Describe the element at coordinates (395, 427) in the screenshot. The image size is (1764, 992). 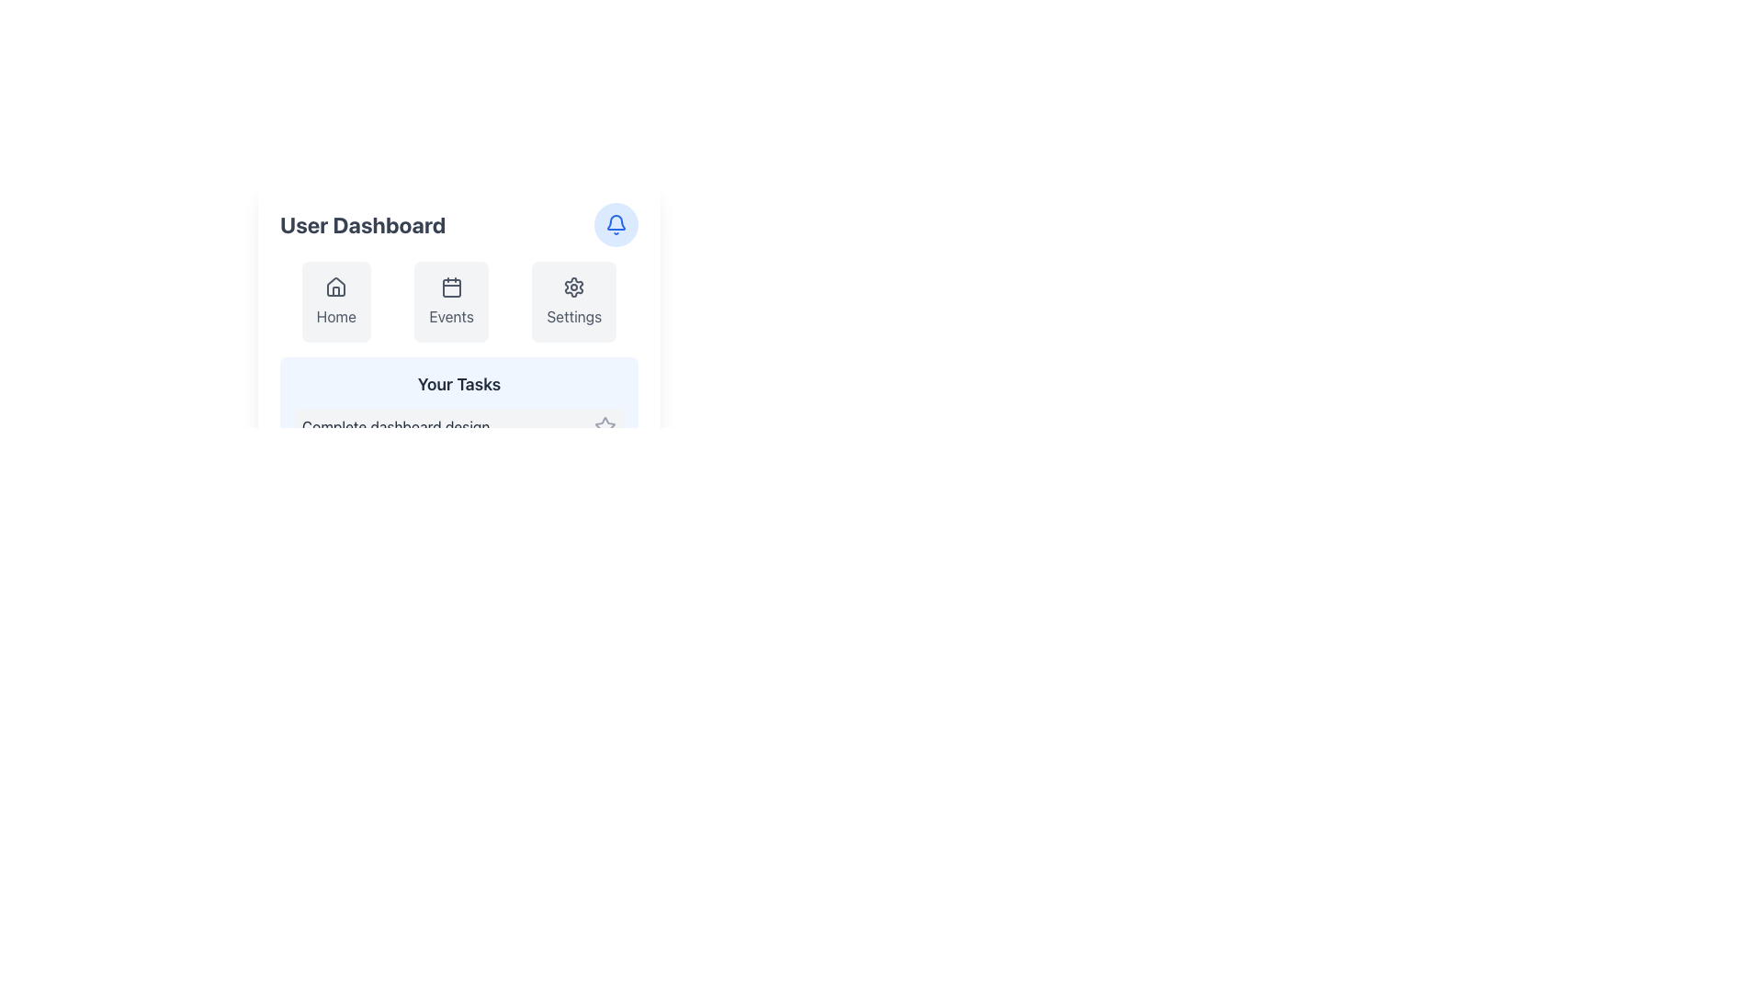
I see `the text label that displays the title or description of a specific task, located below the 'Your Tasks' label in the central area of the interface` at that location.